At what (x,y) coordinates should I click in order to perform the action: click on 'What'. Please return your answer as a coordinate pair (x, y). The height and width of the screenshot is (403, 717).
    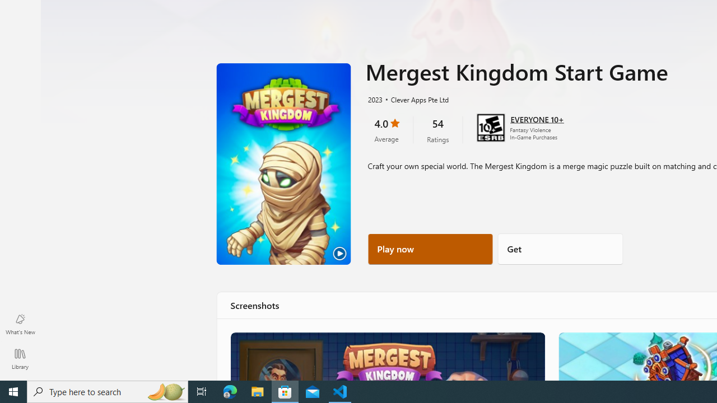
    Looking at the image, I should click on (20, 324).